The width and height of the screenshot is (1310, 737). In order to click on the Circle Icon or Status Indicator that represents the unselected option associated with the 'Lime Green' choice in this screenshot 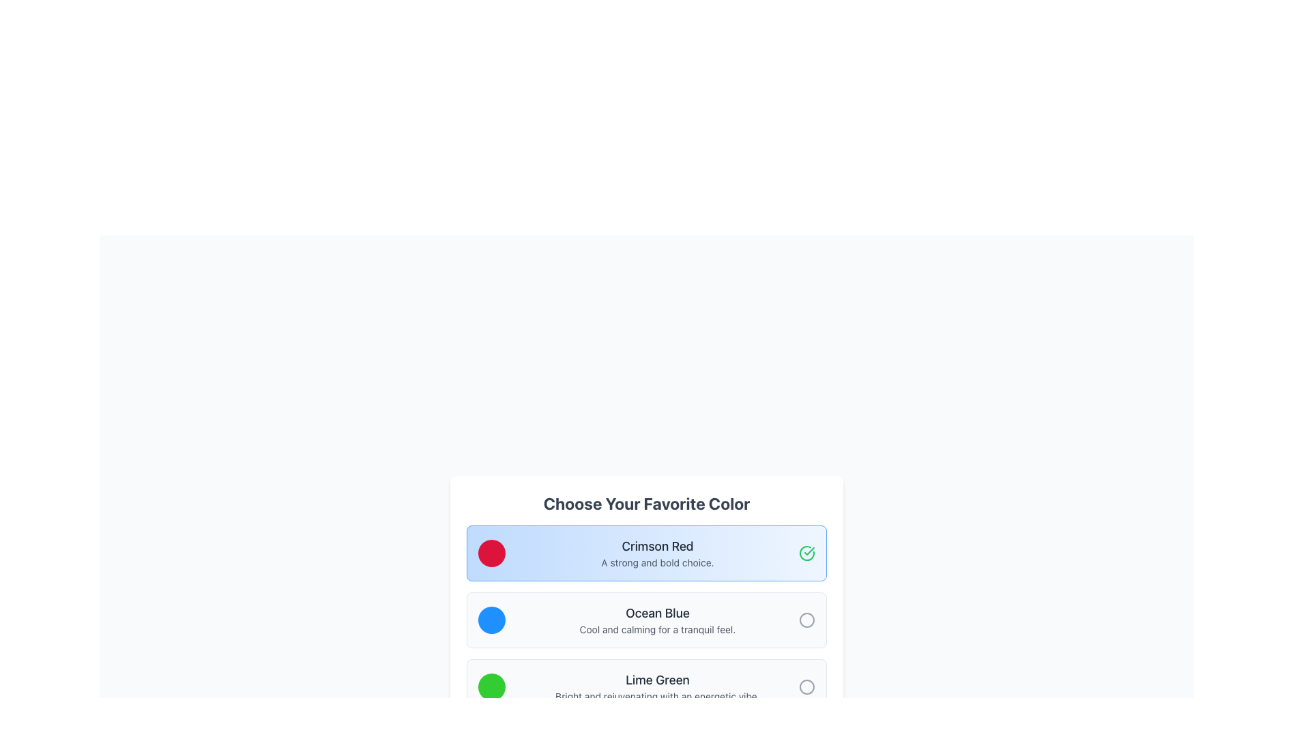, I will do `click(806, 687)`.